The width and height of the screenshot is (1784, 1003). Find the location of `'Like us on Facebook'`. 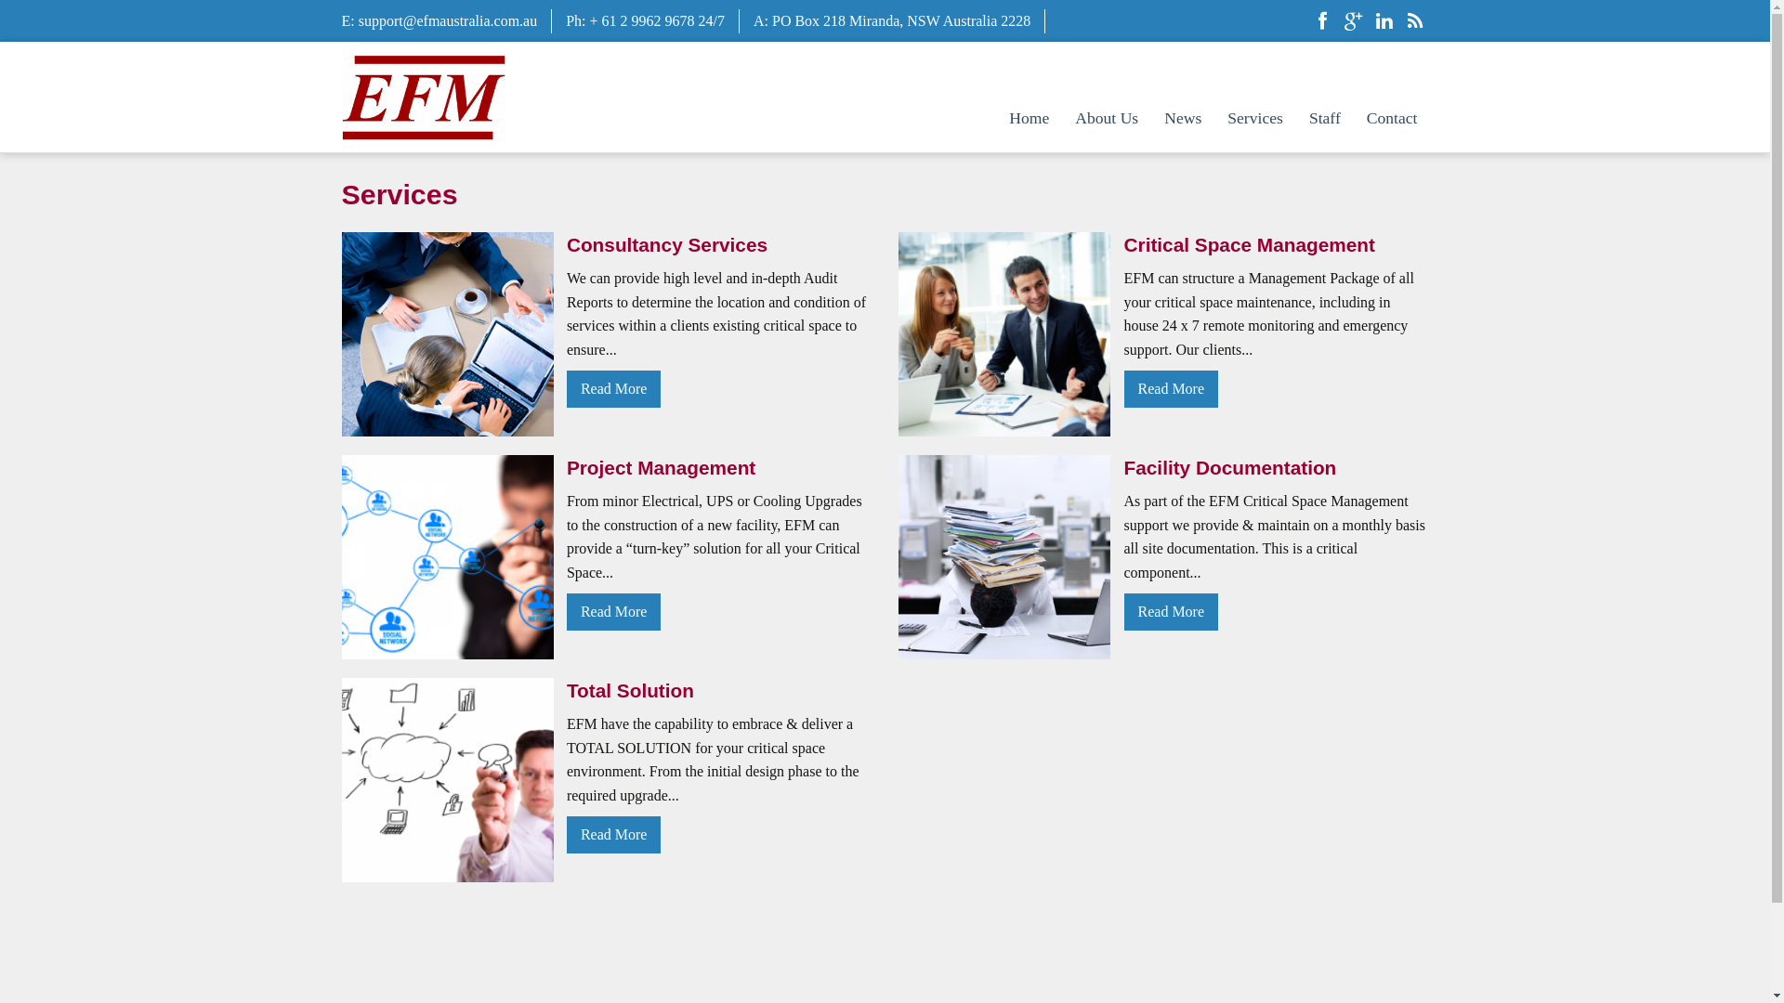

'Like us on Facebook' is located at coordinates (1320, 22).